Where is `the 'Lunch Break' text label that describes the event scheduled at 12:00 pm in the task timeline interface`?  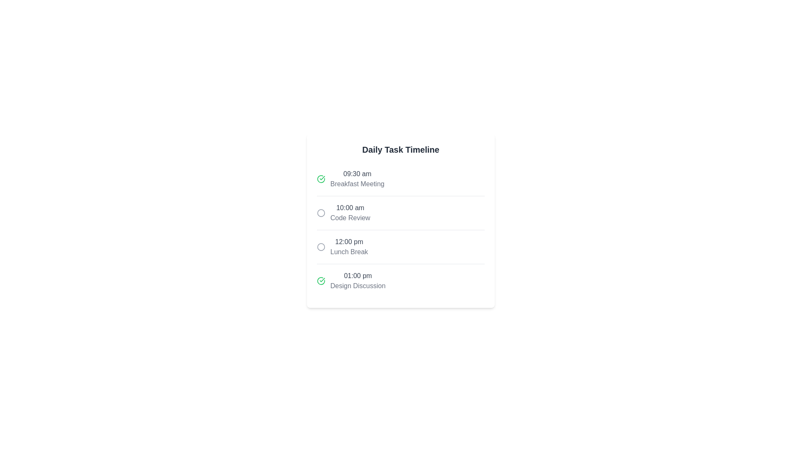 the 'Lunch Break' text label that describes the event scheduled at 12:00 pm in the task timeline interface is located at coordinates (349, 252).